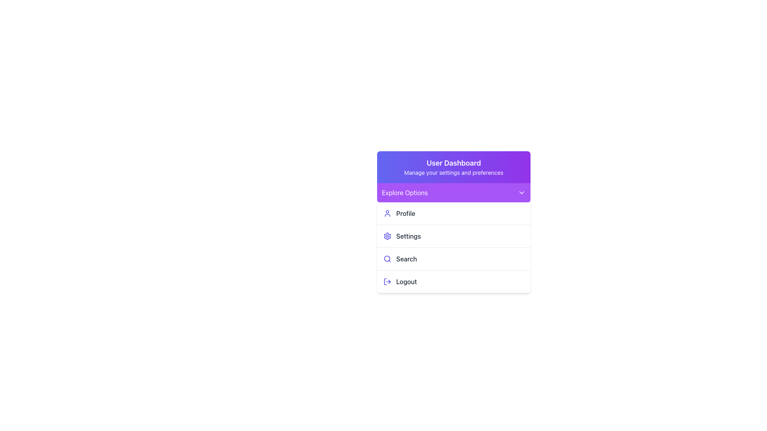 The width and height of the screenshot is (767, 431). Describe the element at coordinates (454, 172) in the screenshot. I see `the Text label that provides descriptive information about managing settings and preferences, located beneath 'User Dashboard' in the header section` at that location.